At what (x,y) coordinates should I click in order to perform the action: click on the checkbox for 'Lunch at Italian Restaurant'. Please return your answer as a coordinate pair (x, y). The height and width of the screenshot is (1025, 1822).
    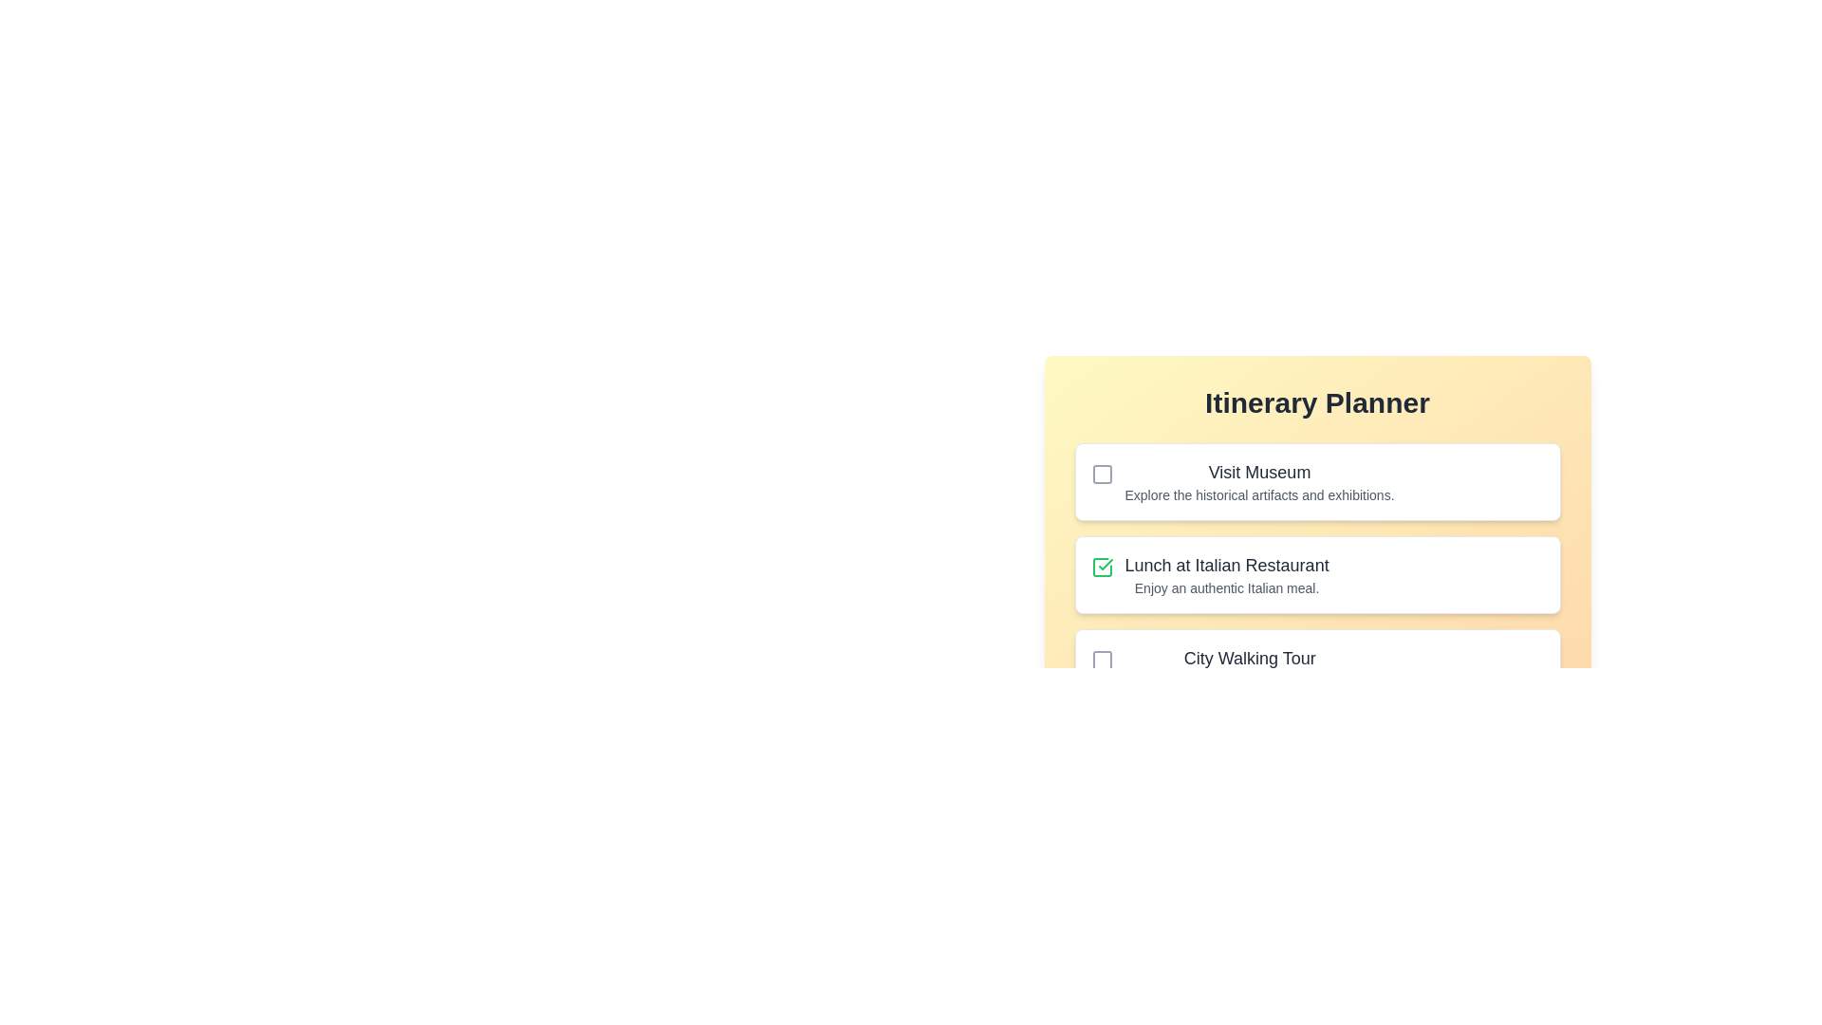
    Looking at the image, I should click on (1102, 566).